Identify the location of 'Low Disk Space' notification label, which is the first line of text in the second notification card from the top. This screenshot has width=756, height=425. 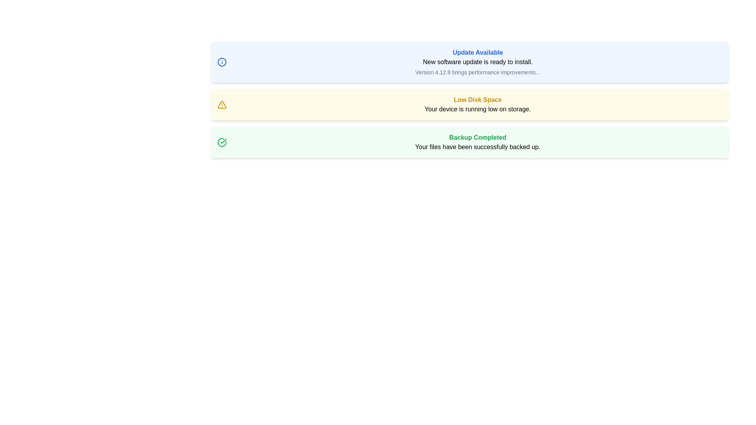
(477, 100).